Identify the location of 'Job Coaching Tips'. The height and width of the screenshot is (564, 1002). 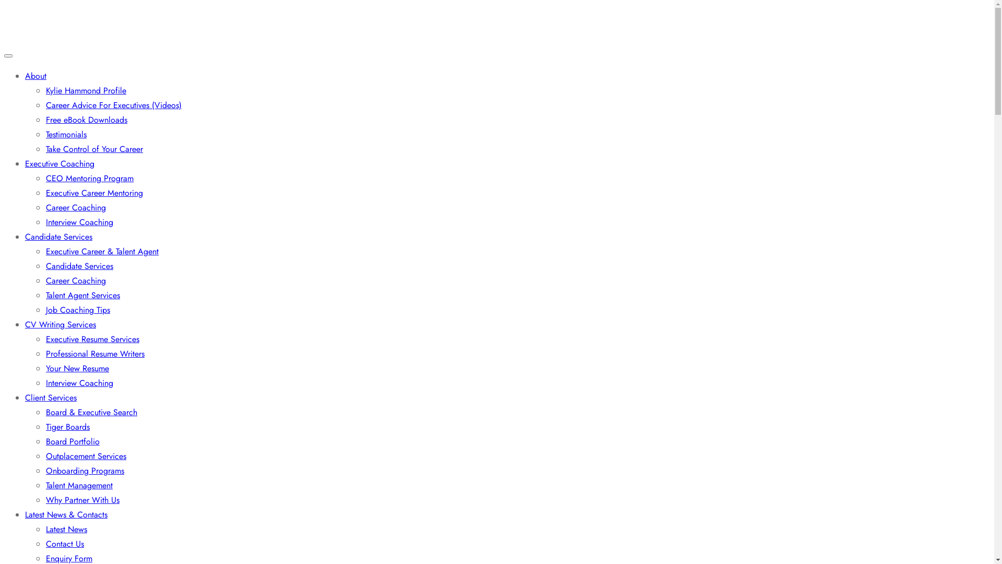
(77, 309).